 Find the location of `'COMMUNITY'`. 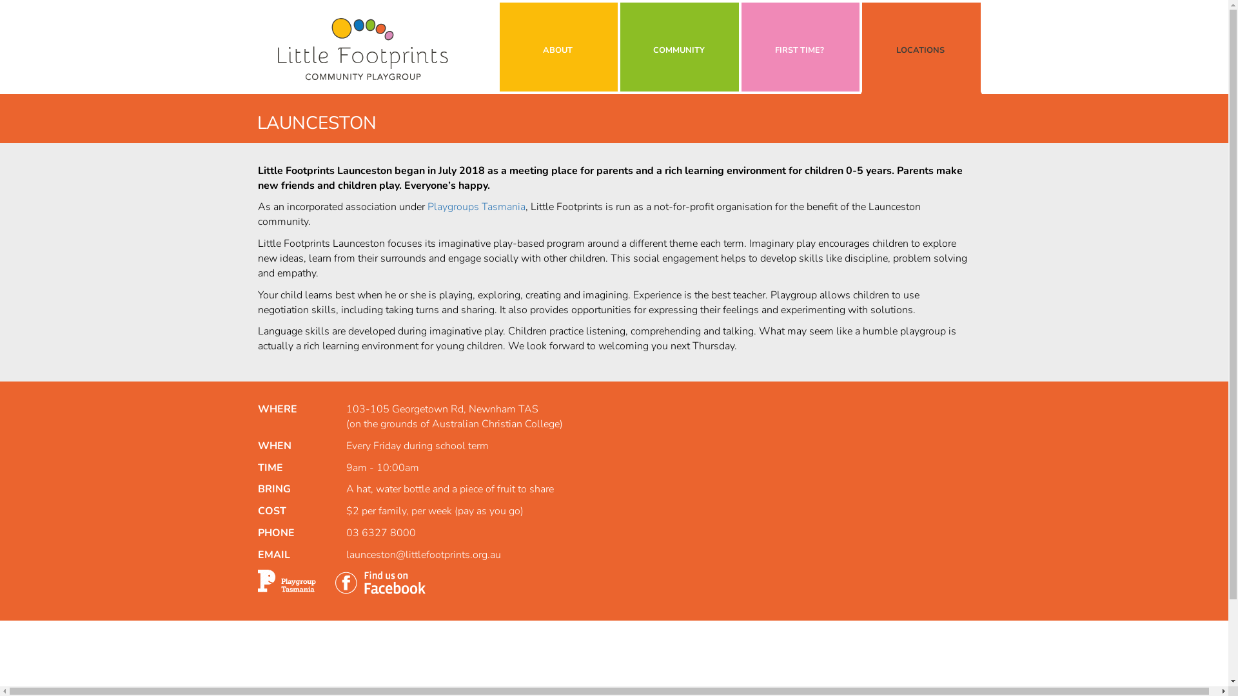

'COMMUNITY' is located at coordinates (620, 46).